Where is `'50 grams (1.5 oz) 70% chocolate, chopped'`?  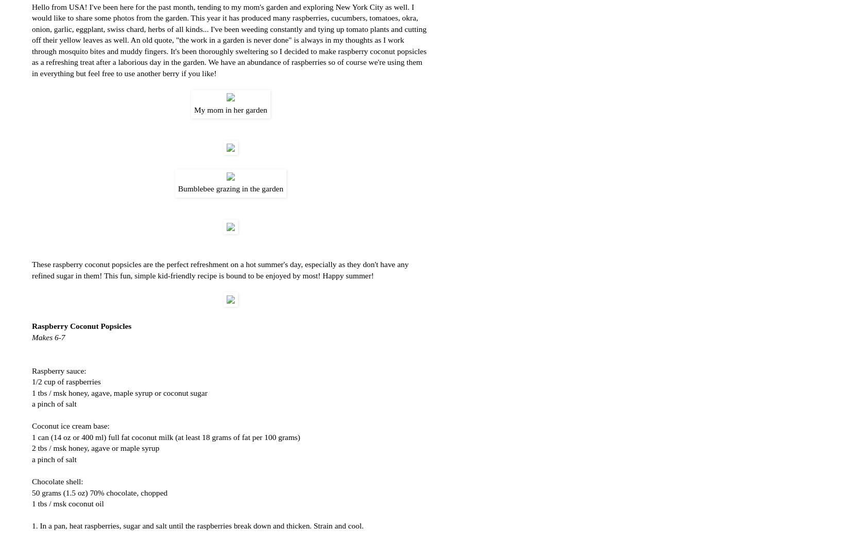
'50 grams (1.5 oz) 70% chocolate, chopped' is located at coordinates (99, 491).